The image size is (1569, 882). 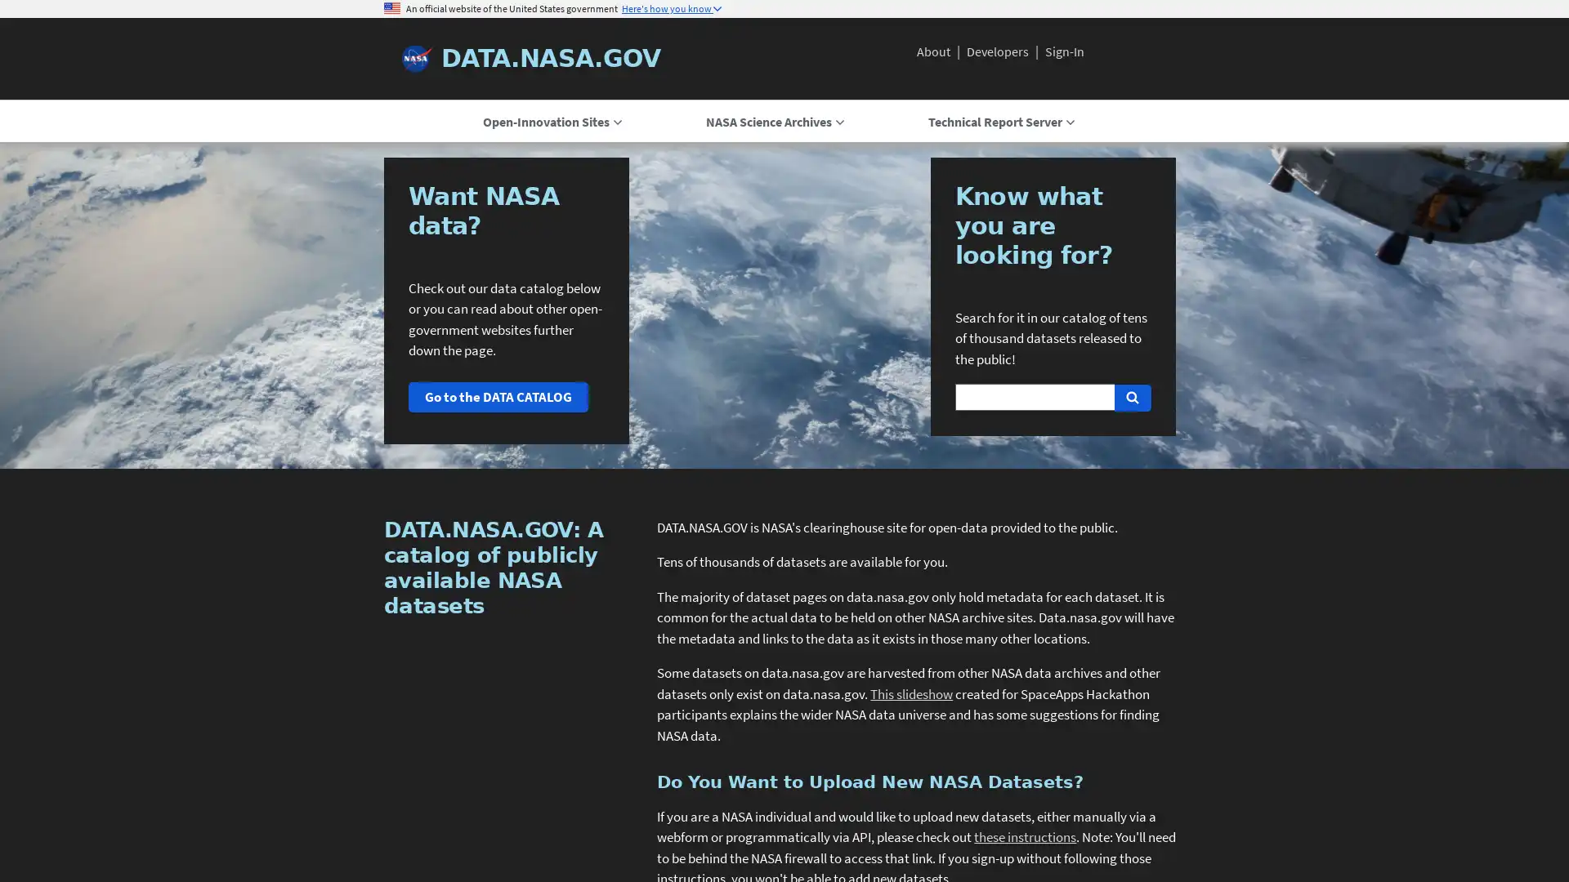 What do you see at coordinates (1131, 397) in the screenshot?
I see `Search` at bounding box center [1131, 397].